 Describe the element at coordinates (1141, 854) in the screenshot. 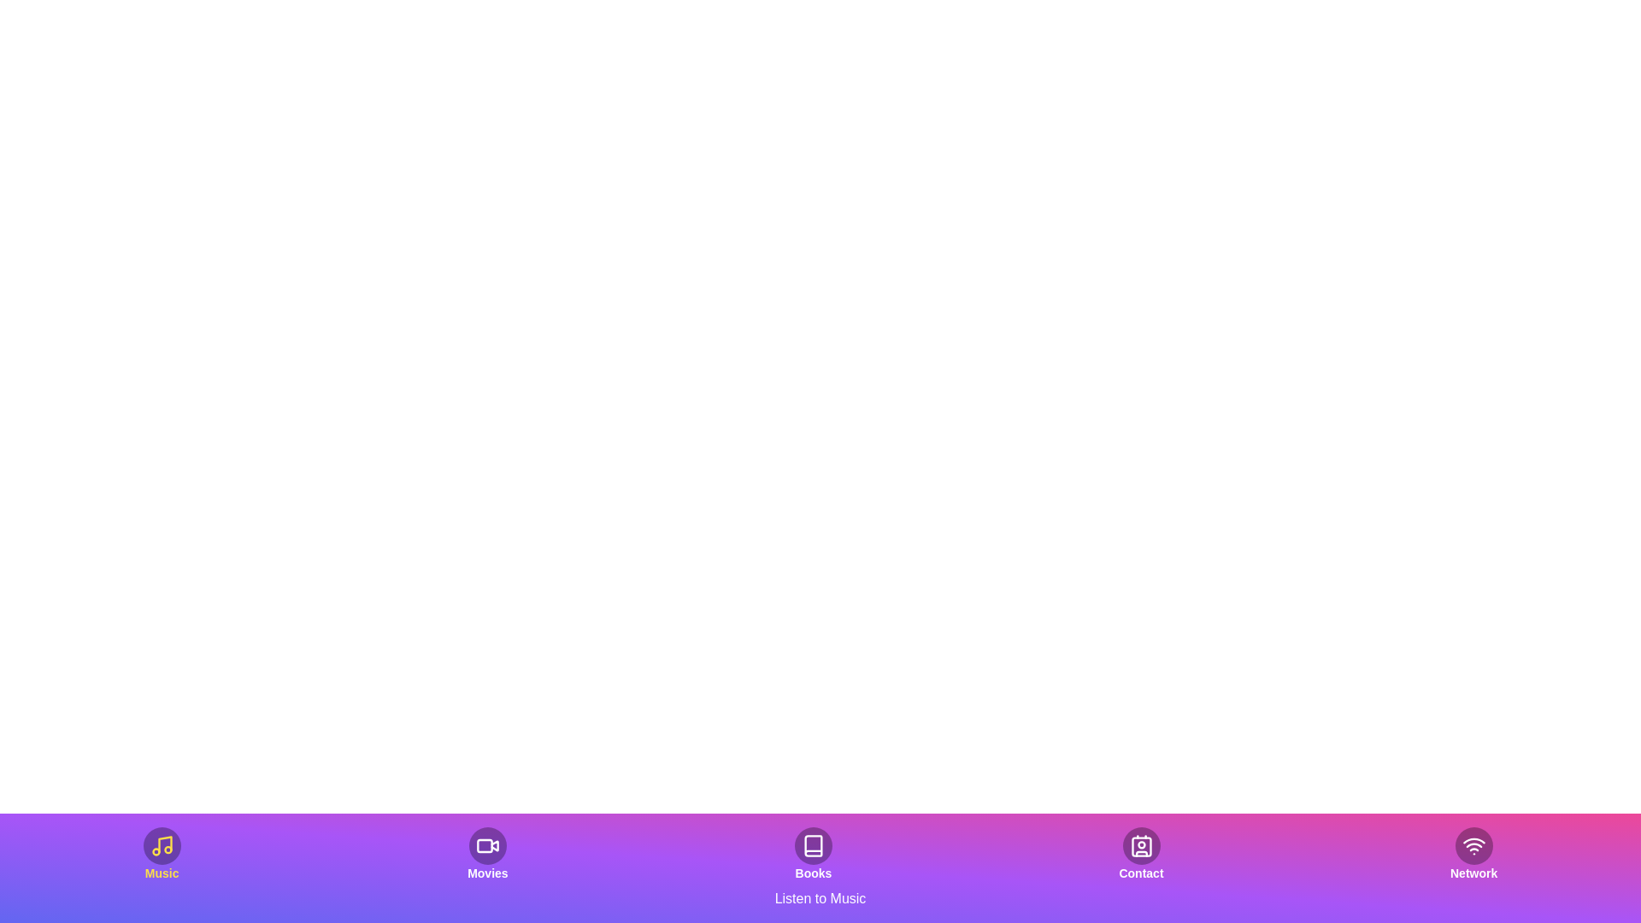

I see `the Contact tab` at that location.